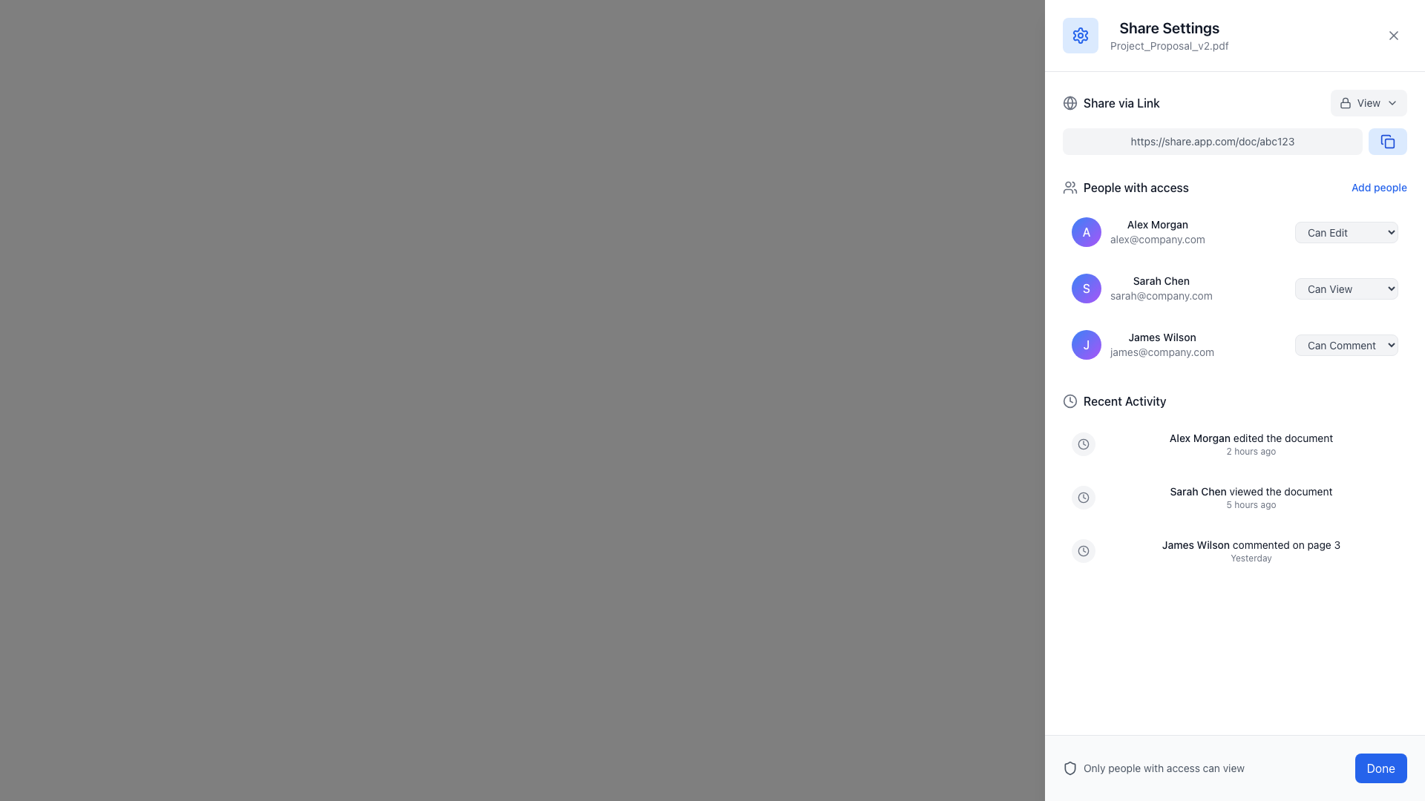 The width and height of the screenshot is (1425, 801). Describe the element at coordinates (1250, 558) in the screenshot. I see `text label displaying 'Yesterday' located in the 'Recent Activity' section, below the comment by James Wilson` at that location.